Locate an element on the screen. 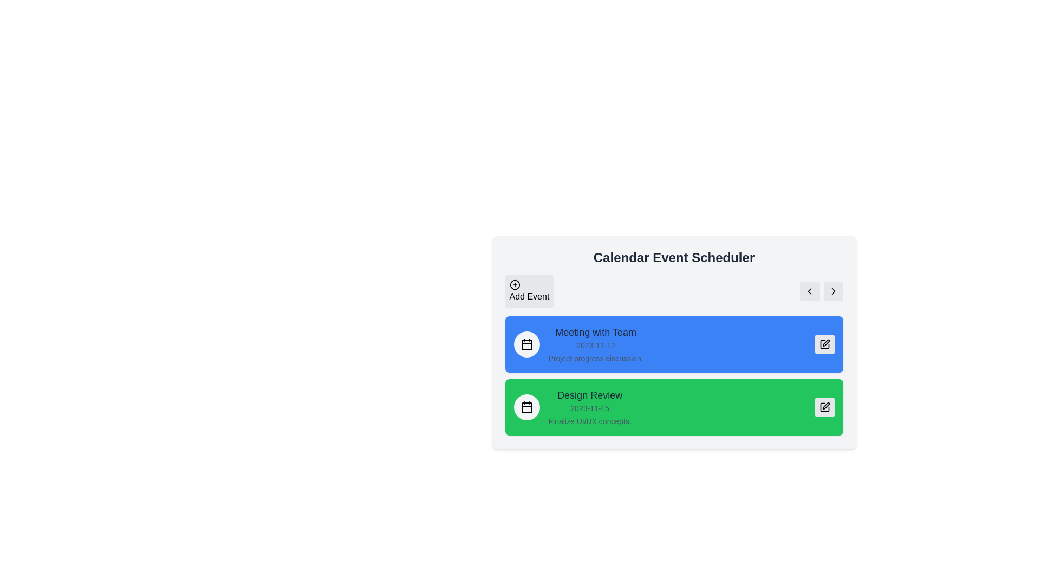 This screenshot has height=585, width=1040. the left-facing chevron icon button, which is a small black arrow contained within a light gray rounded square at the top-right of the calendar event scheduler interface is located at coordinates (809, 290).